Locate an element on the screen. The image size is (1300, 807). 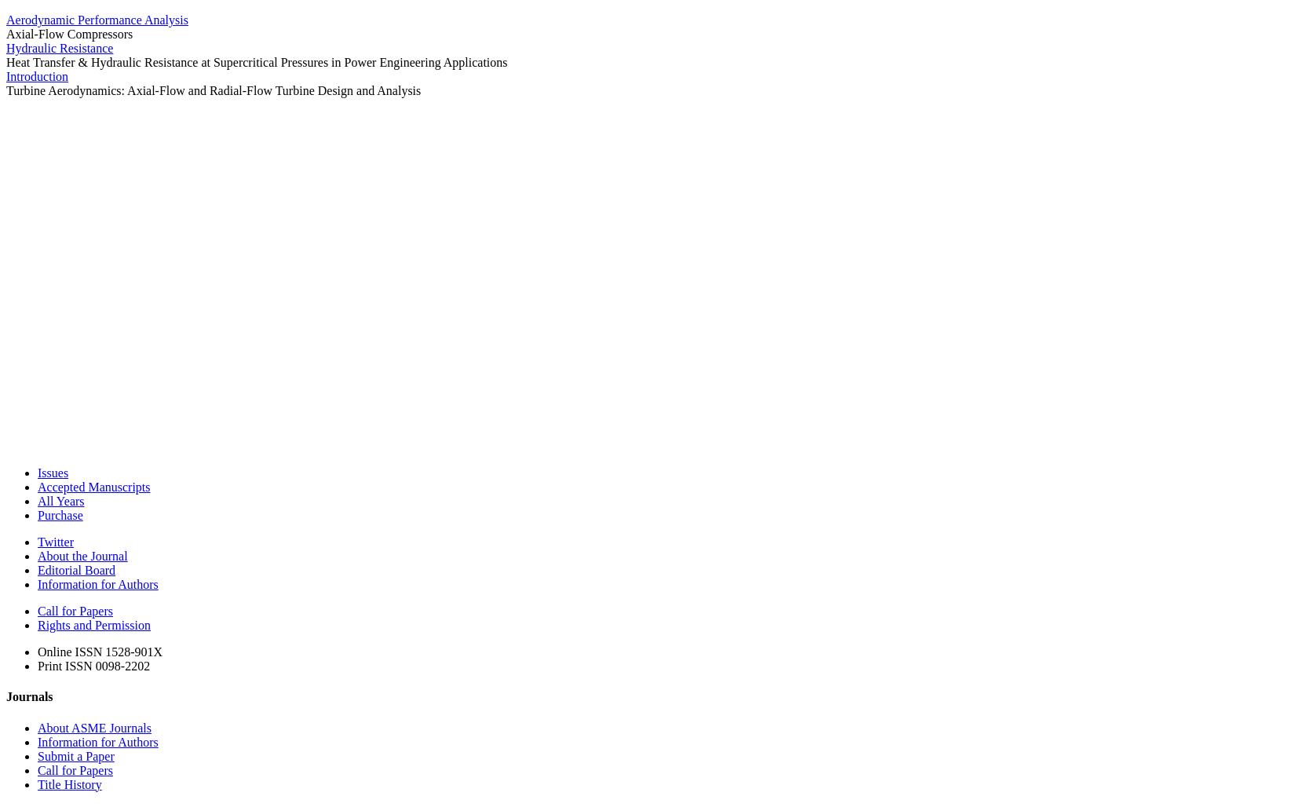
'About ASME Journals' is located at coordinates (93, 727).